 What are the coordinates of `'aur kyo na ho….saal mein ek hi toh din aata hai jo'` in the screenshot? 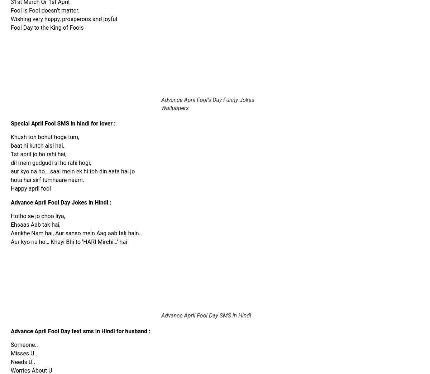 It's located at (11, 171).